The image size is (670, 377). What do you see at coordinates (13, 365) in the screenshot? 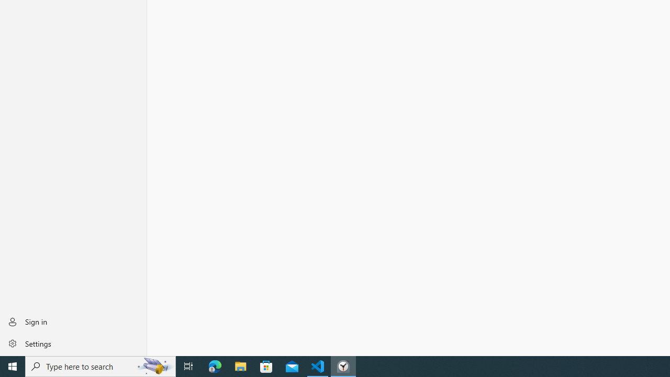
I see `'Start'` at bounding box center [13, 365].